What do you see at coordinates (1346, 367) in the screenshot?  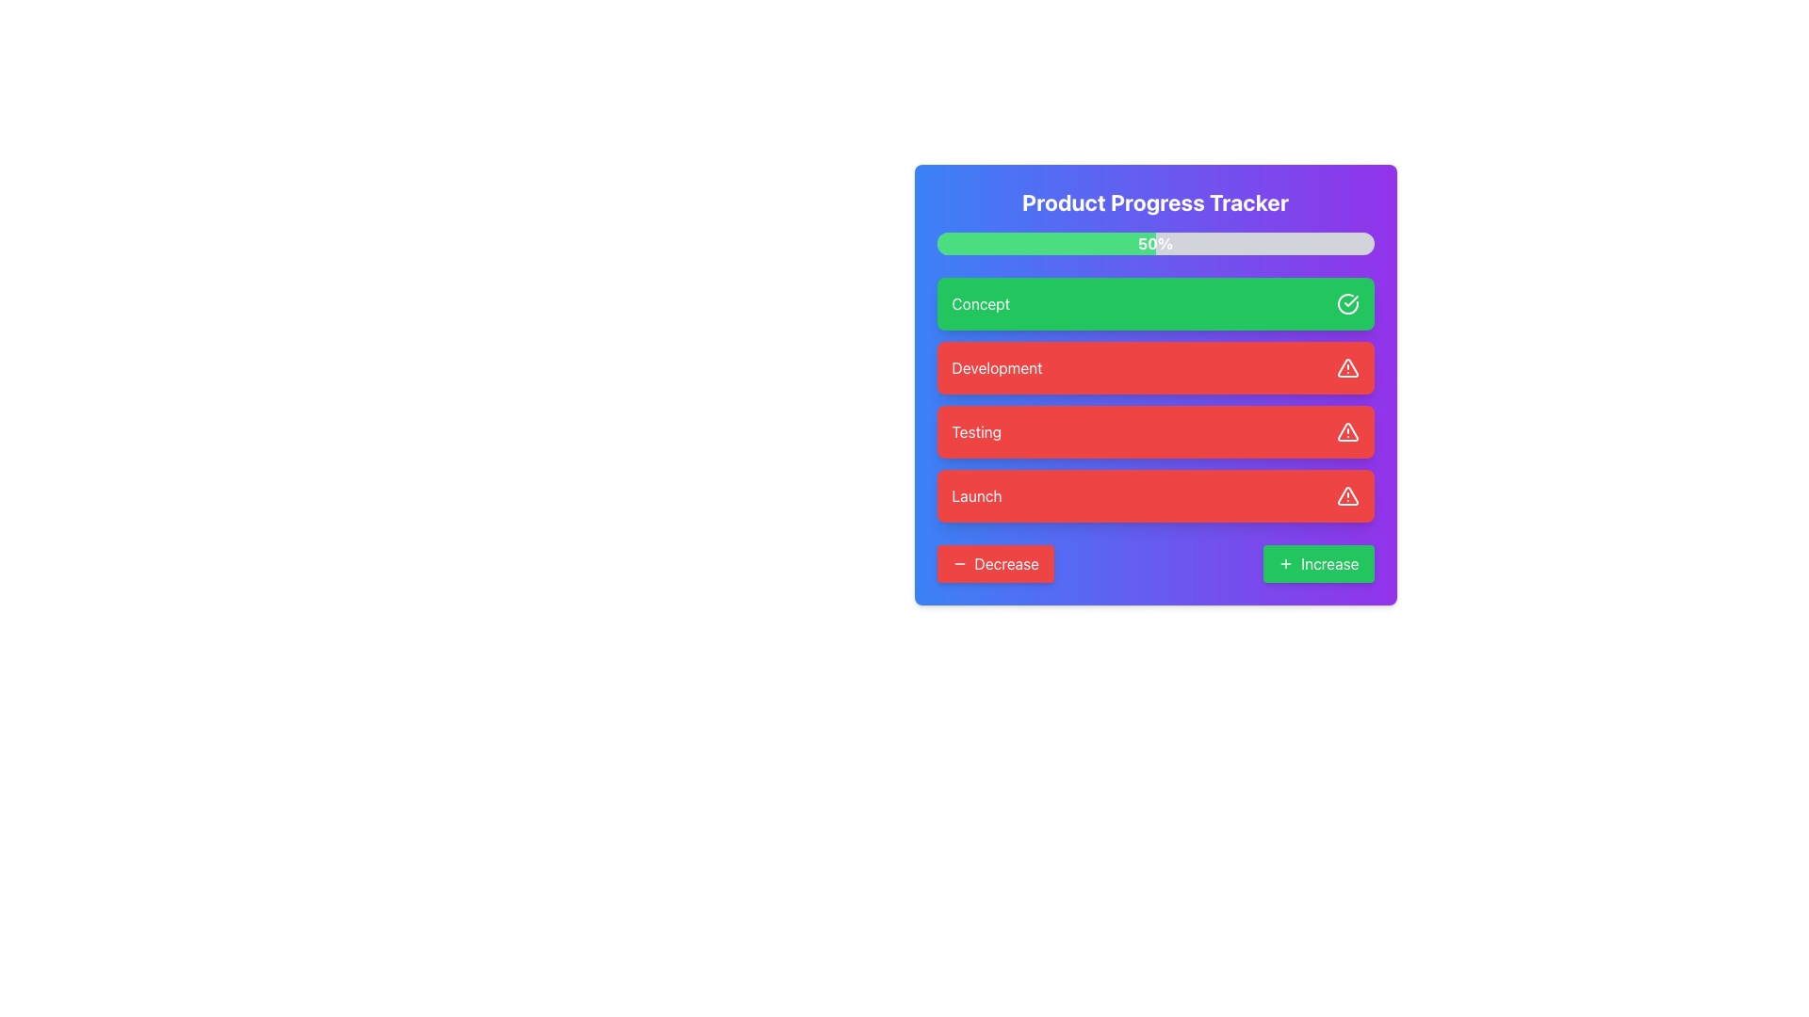 I see `the warning icon indicating an issue in the 'Development' stage of the progress tracker, located near the right end of the development progress bar` at bounding box center [1346, 367].